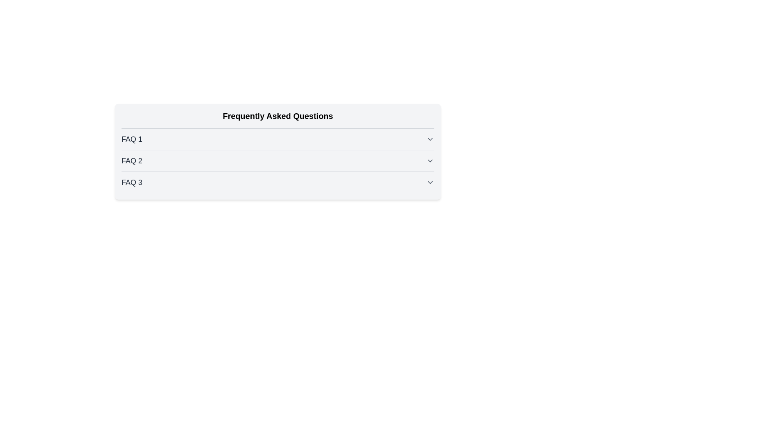 Image resolution: width=783 pixels, height=440 pixels. I want to click on the Dropdown toggle icon for the 'FAQ 3' section, so click(430, 182).